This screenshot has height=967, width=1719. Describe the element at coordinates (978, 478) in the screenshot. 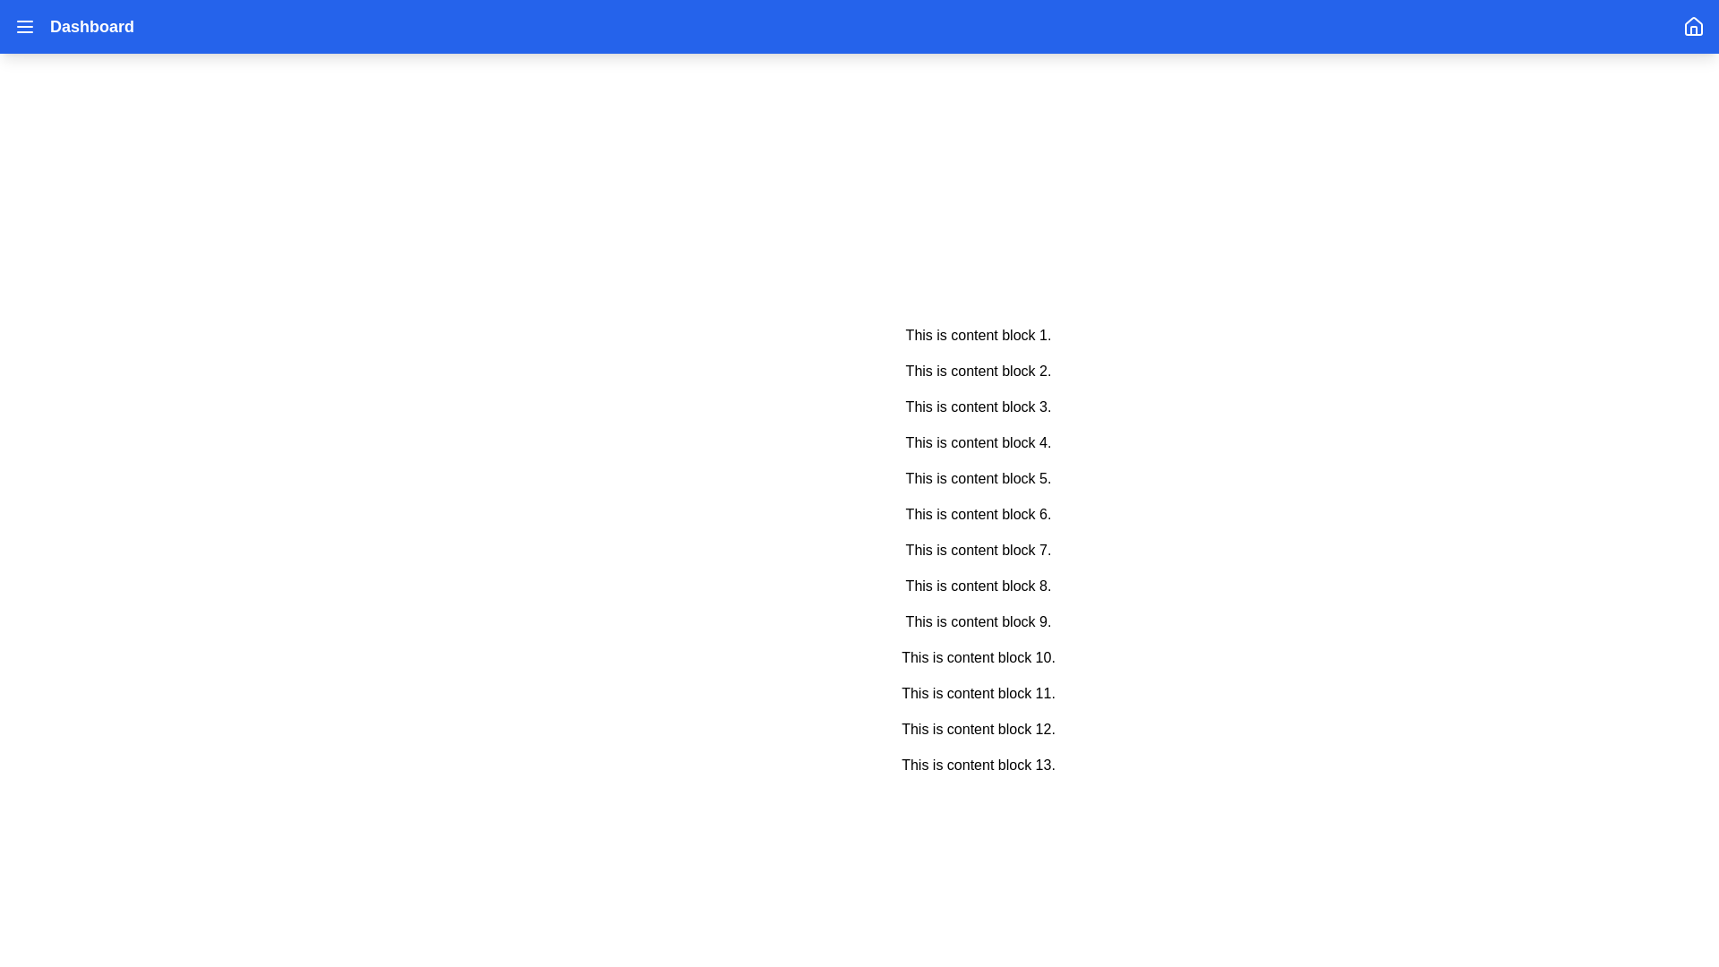

I see `the fifth Text Label in a vertical list of content blocks, which is positioned between 'This is content block 4.' and 'This is content block 6.'` at that location.